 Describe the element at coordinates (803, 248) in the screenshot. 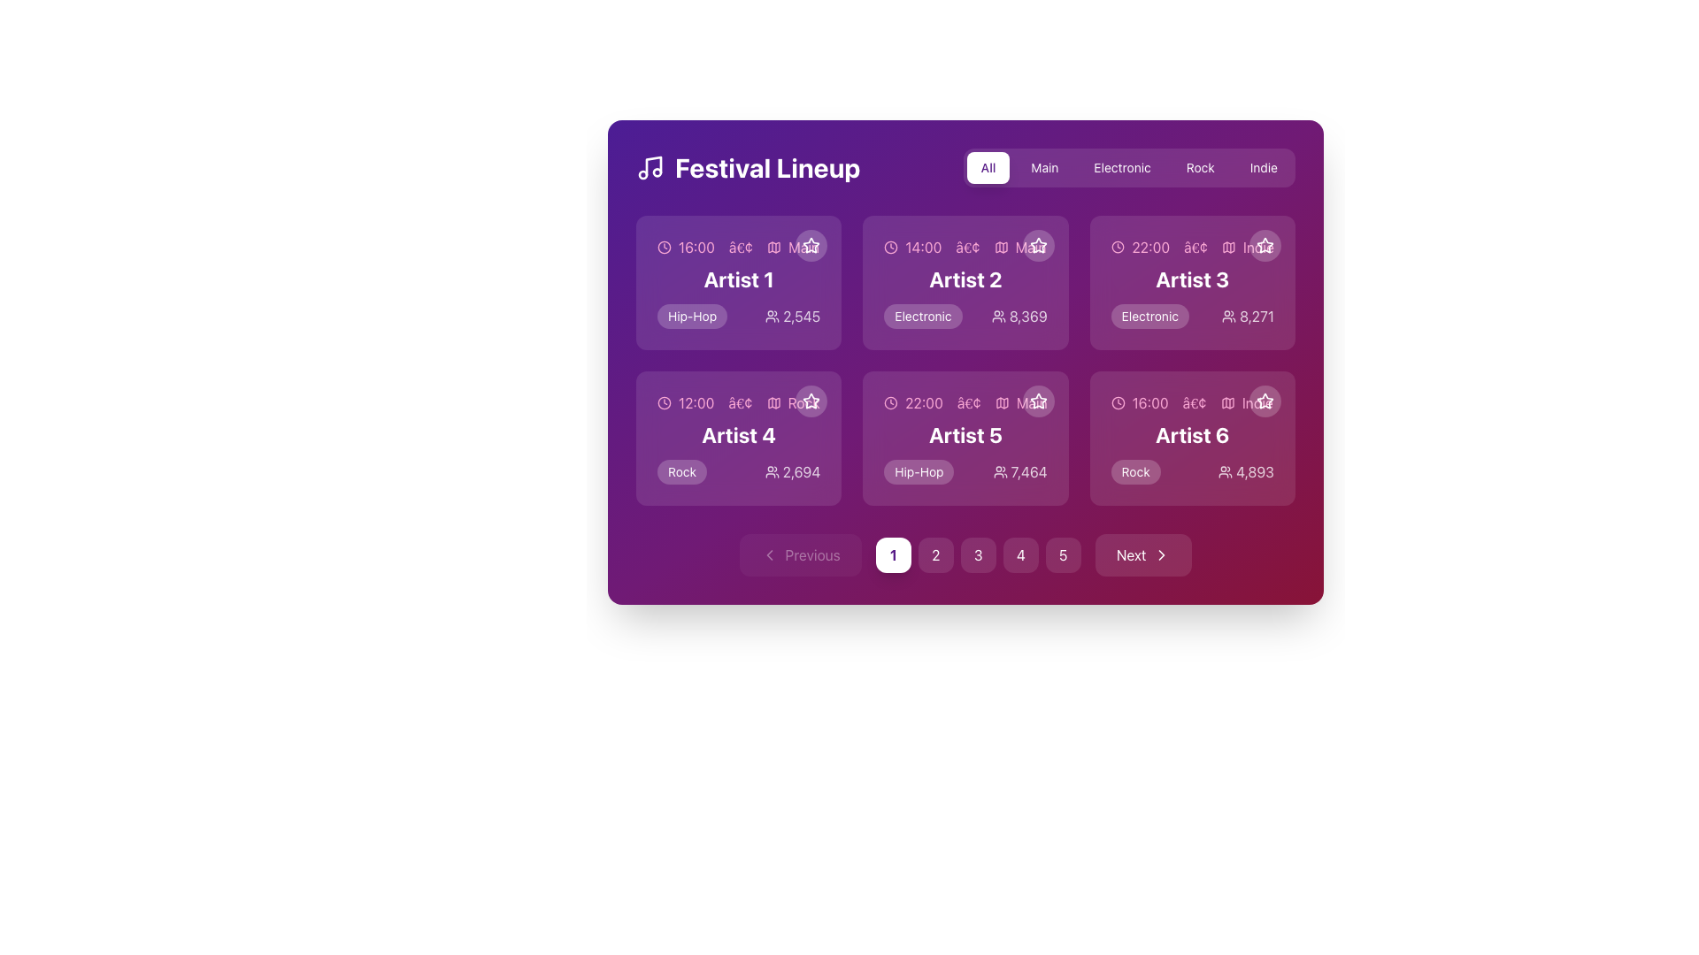

I see `'main' text label that follows the clock and time data ('16:00') in the top left section of the grid using developer tools` at that location.